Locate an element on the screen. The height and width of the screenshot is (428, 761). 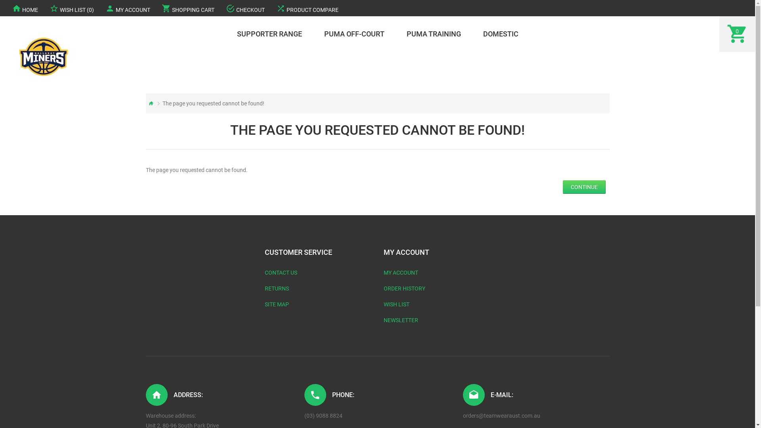
'SUPPORTER RANGE' is located at coordinates (226, 33).